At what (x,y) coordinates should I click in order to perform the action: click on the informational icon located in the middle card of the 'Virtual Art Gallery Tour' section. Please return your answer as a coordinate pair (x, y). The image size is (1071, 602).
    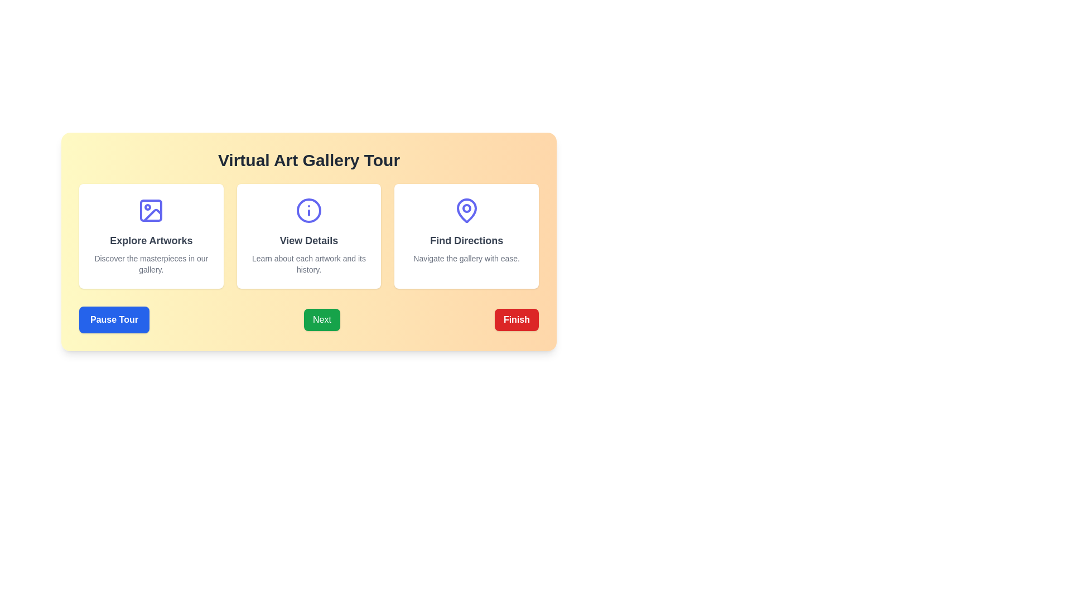
    Looking at the image, I should click on (308, 211).